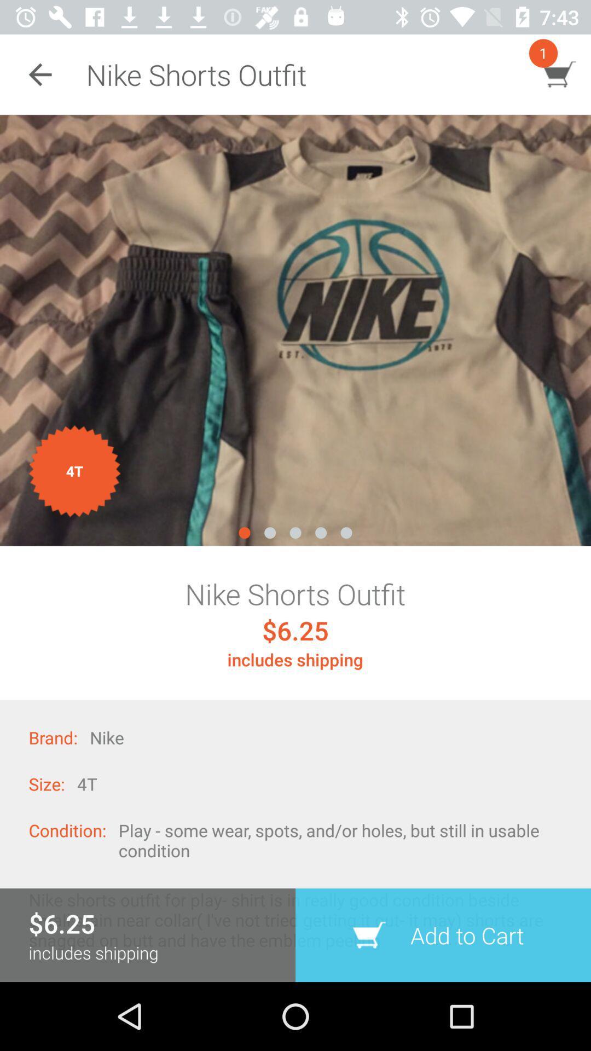 Image resolution: width=591 pixels, height=1051 pixels. Describe the element at coordinates (296, 330) in the screenshot. I see `product photos` at that location.